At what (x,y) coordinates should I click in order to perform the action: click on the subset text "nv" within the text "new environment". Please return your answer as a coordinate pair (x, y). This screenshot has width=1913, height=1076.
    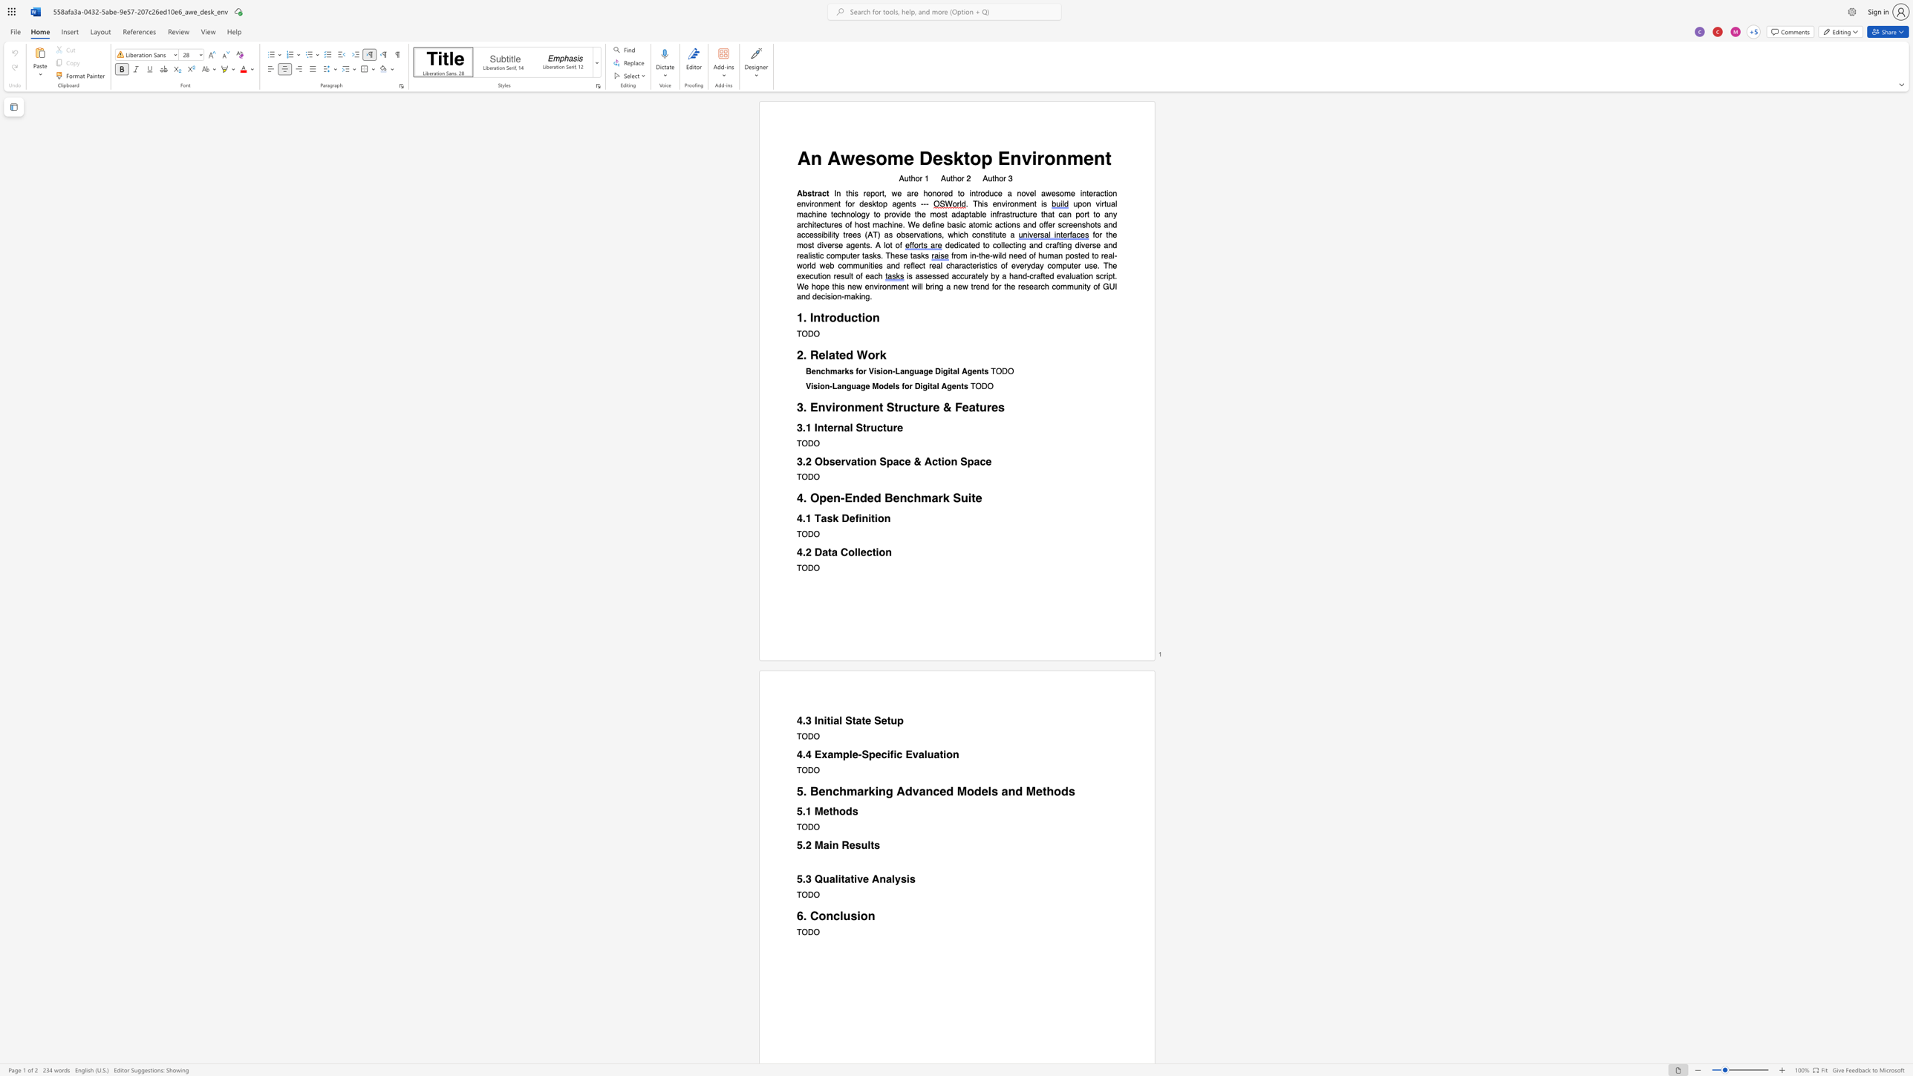
    Looking at the image, I should click on (868, 287).